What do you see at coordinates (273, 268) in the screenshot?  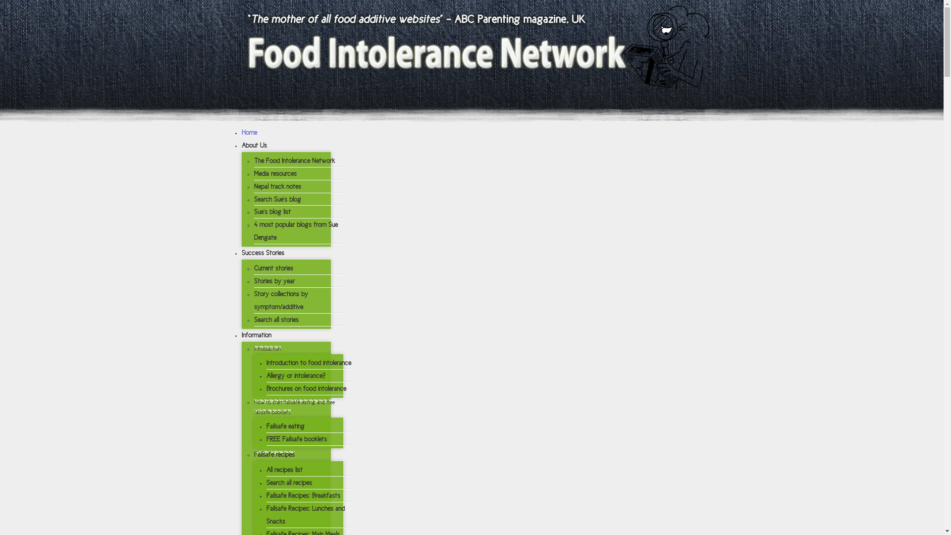 I see `'Current stories'` at bounding box center [273, 268].